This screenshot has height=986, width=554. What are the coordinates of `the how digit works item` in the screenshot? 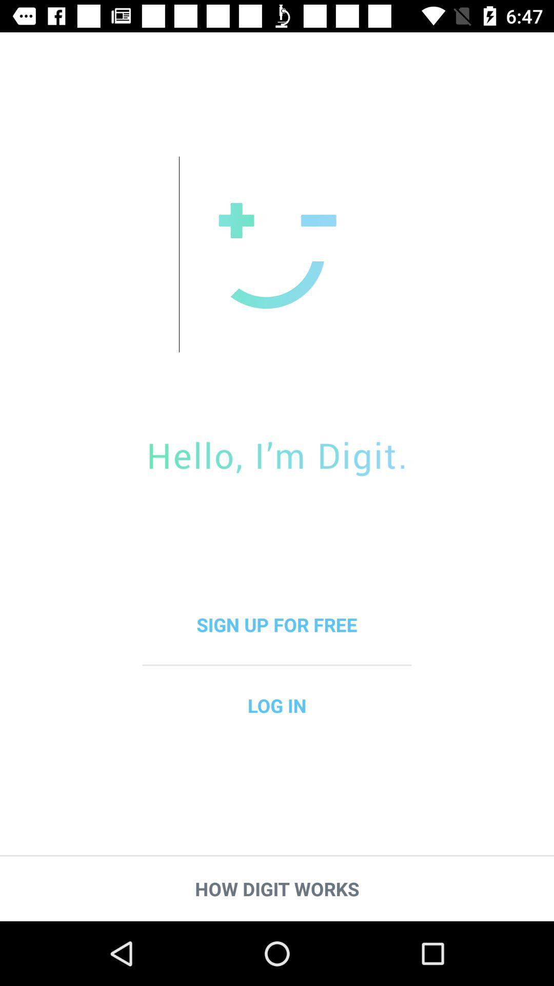 It's located at (277, 888).